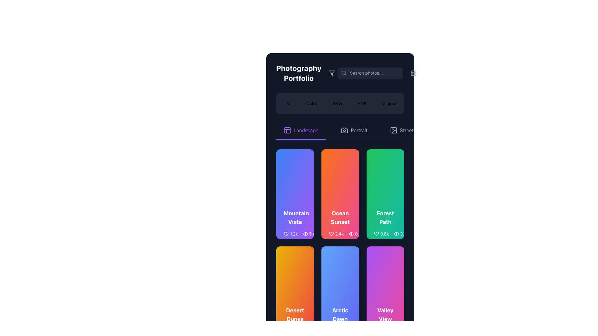 This screenshot has width=598, height=336. What do you see at coordinates (290, 234) in the screenshot?
I see `the count icon displaying likes for the 'Mountain Vista' card, located at the bottom-left corner of the card in the first column of the grid` at bounding box center [290, 234].